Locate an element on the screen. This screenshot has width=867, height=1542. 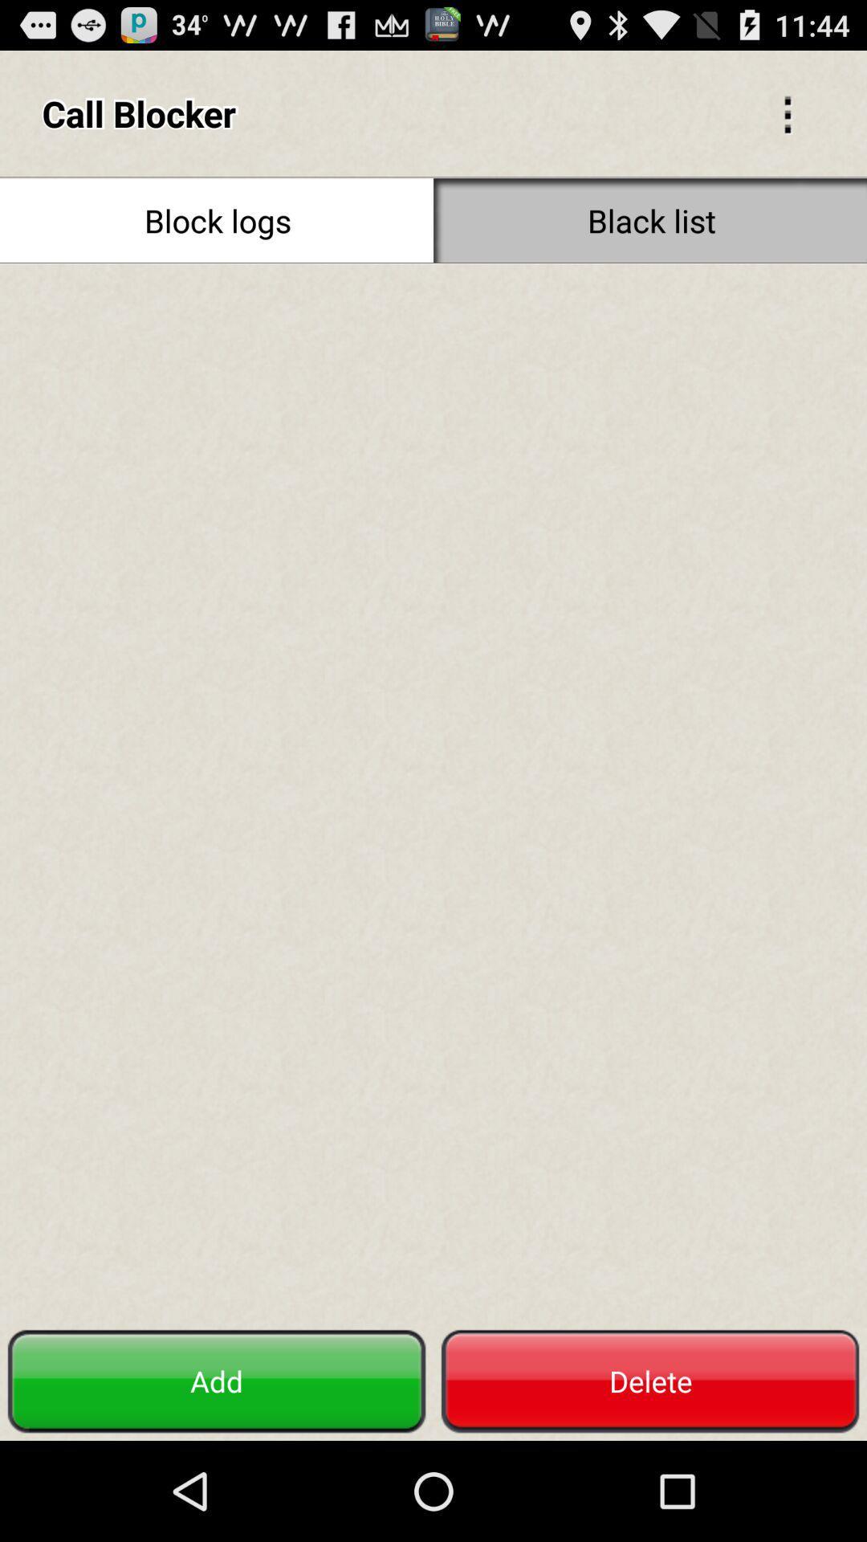
the item to the left of the black list is located at coordinates (217, 219).